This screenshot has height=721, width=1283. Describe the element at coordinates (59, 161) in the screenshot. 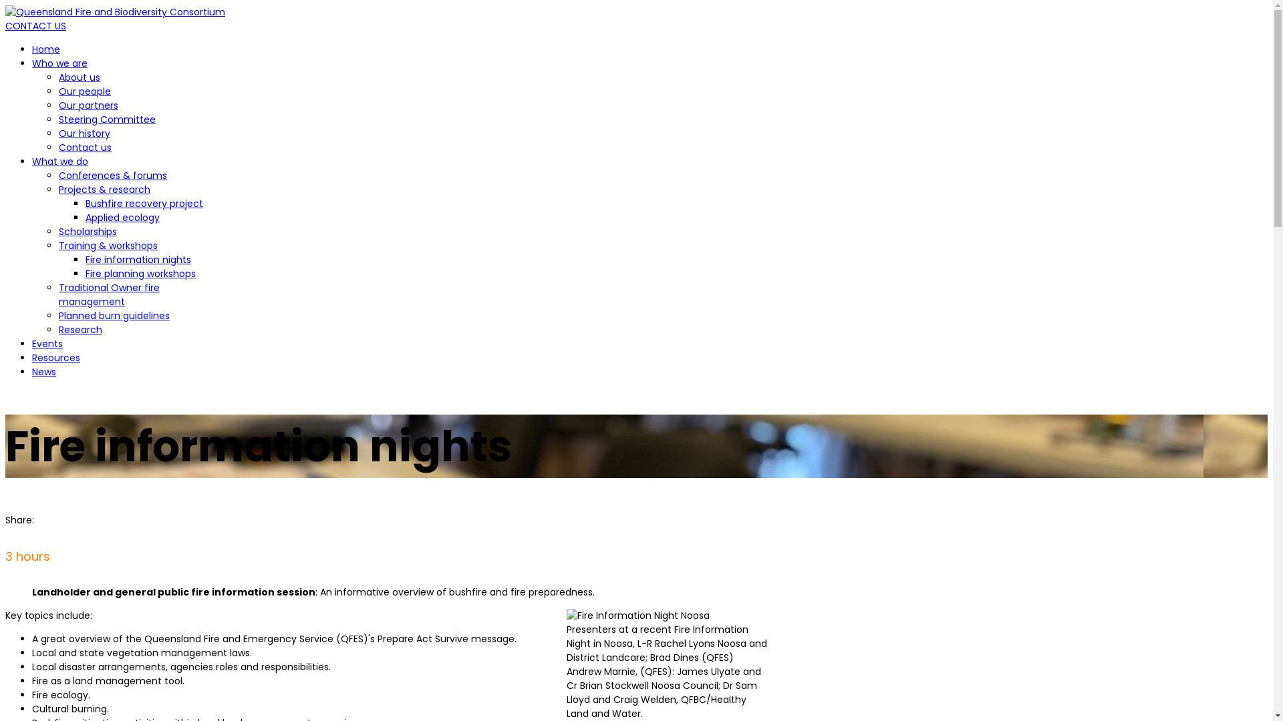

I see `'What we do'` at that location.